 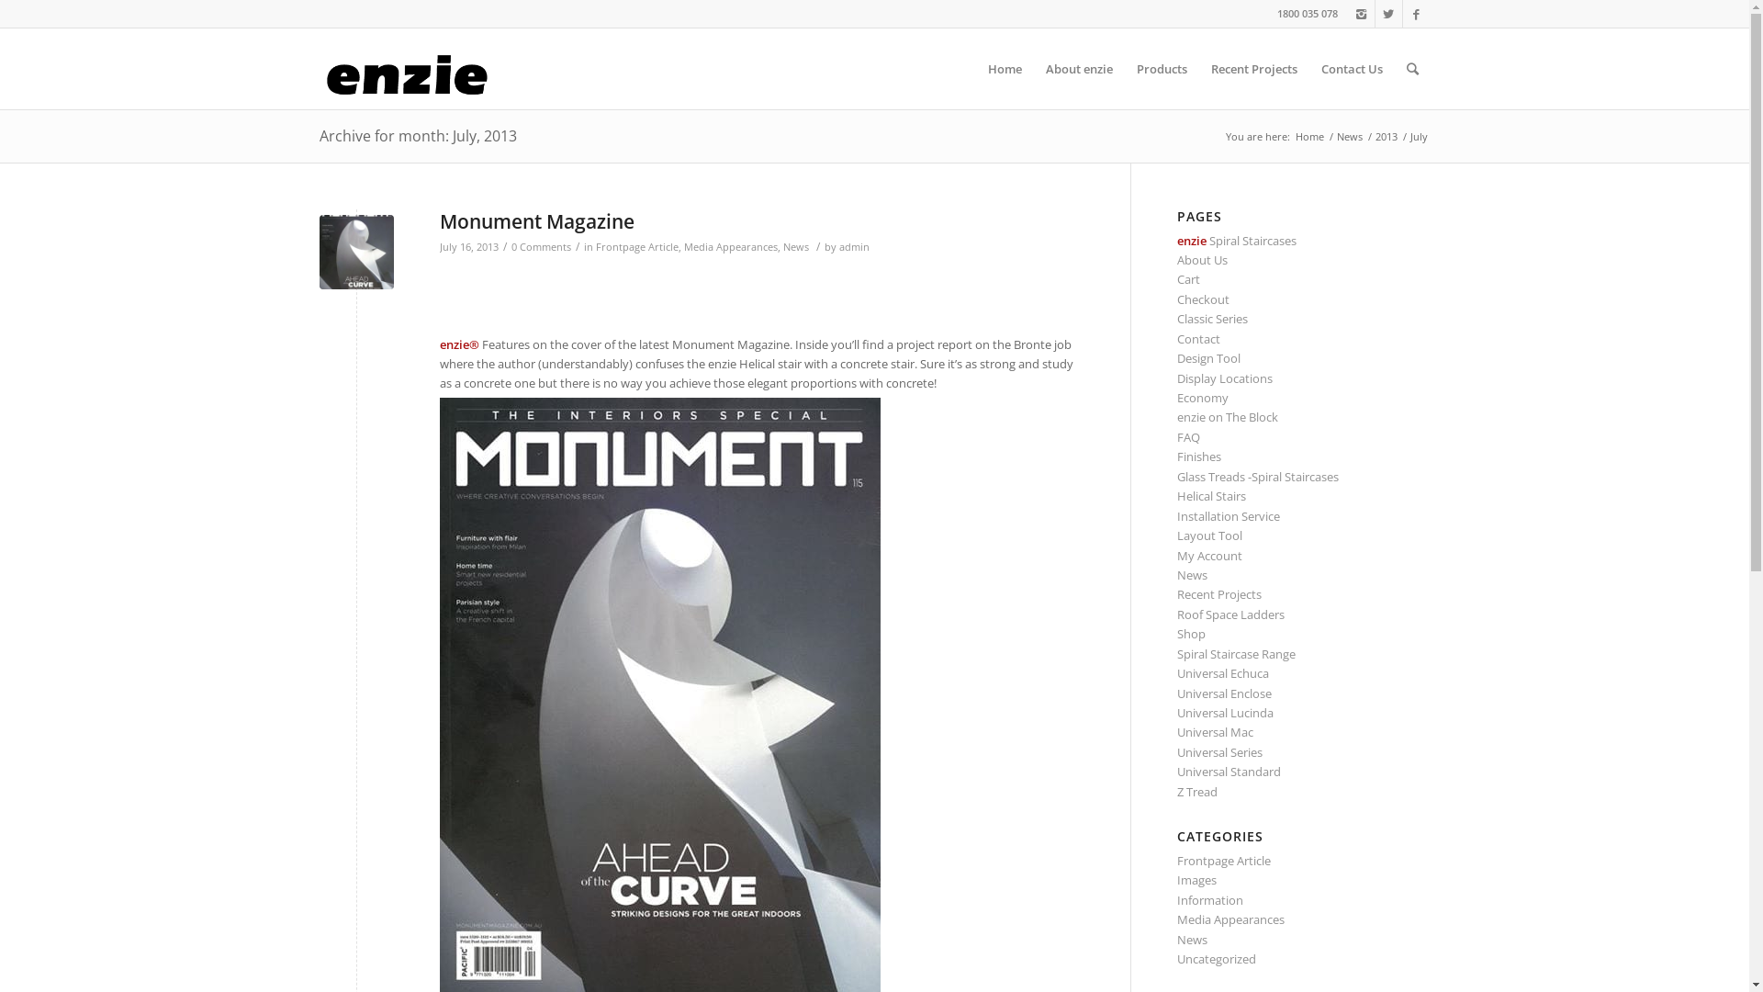 What do you see at coordinates (853, 246) in the screenshot?
I see `'admin'` at bounding box center [853, 246].